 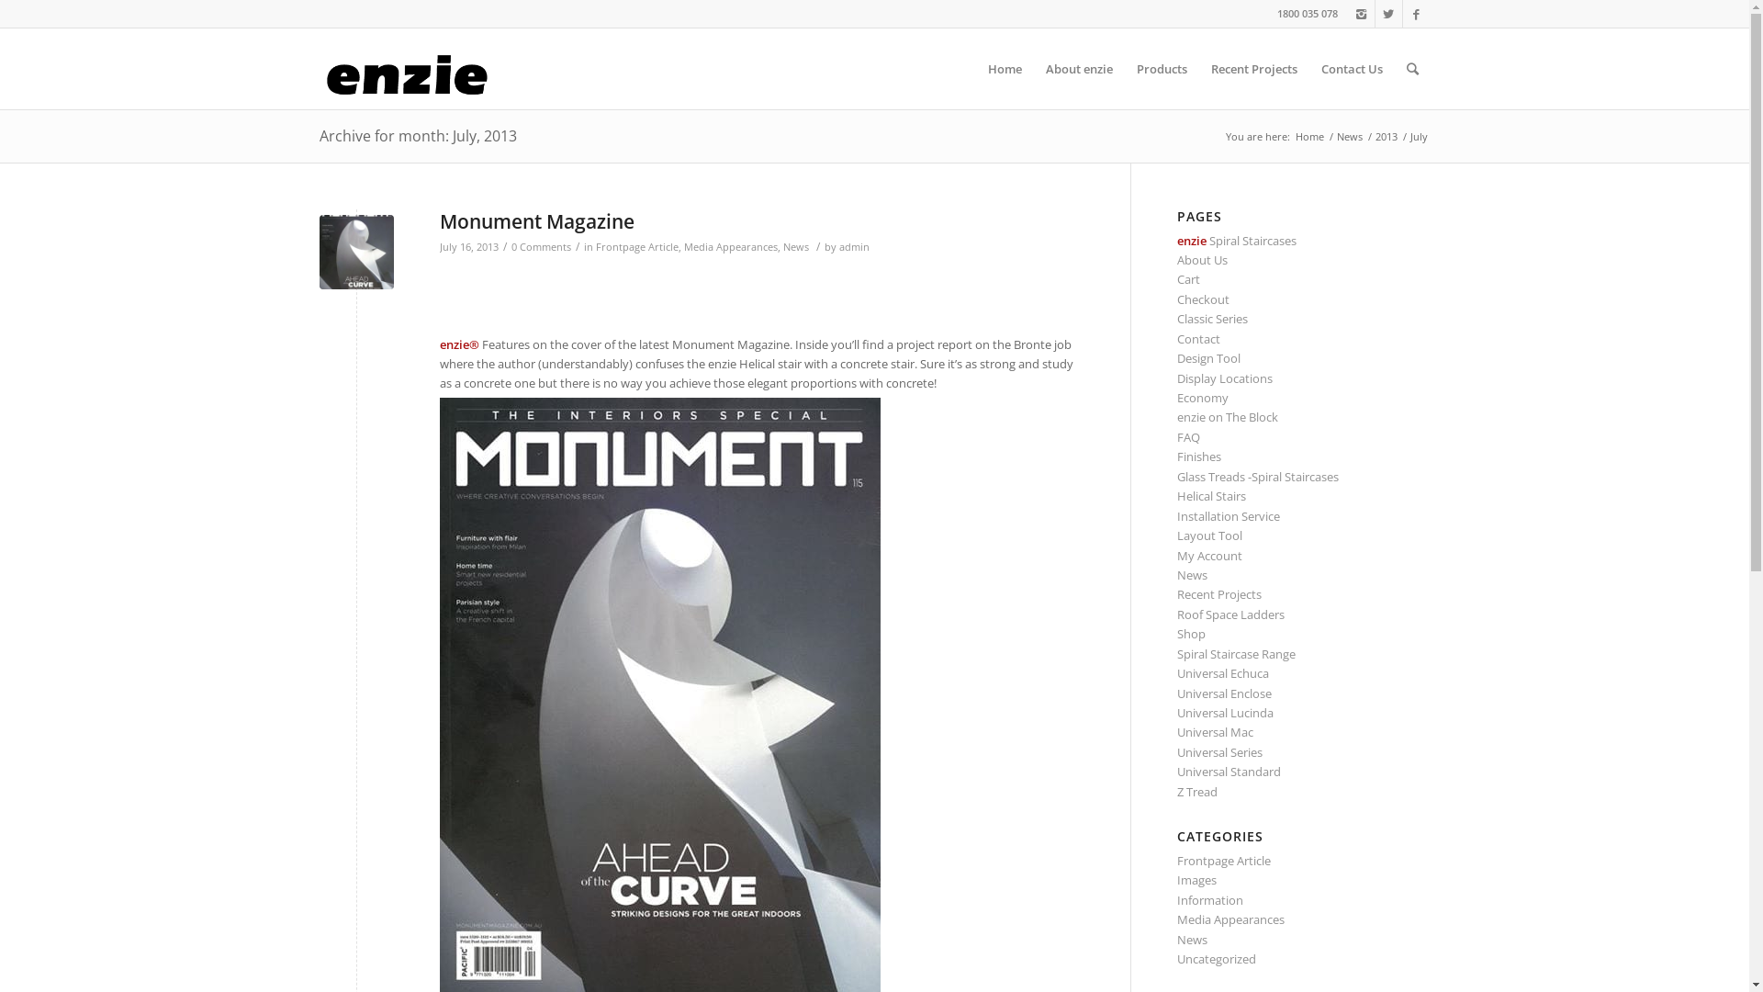 What do you see at coordinates (853, 246) in the screenshot?
I see `'admin'` at bounding box center [853, 246].